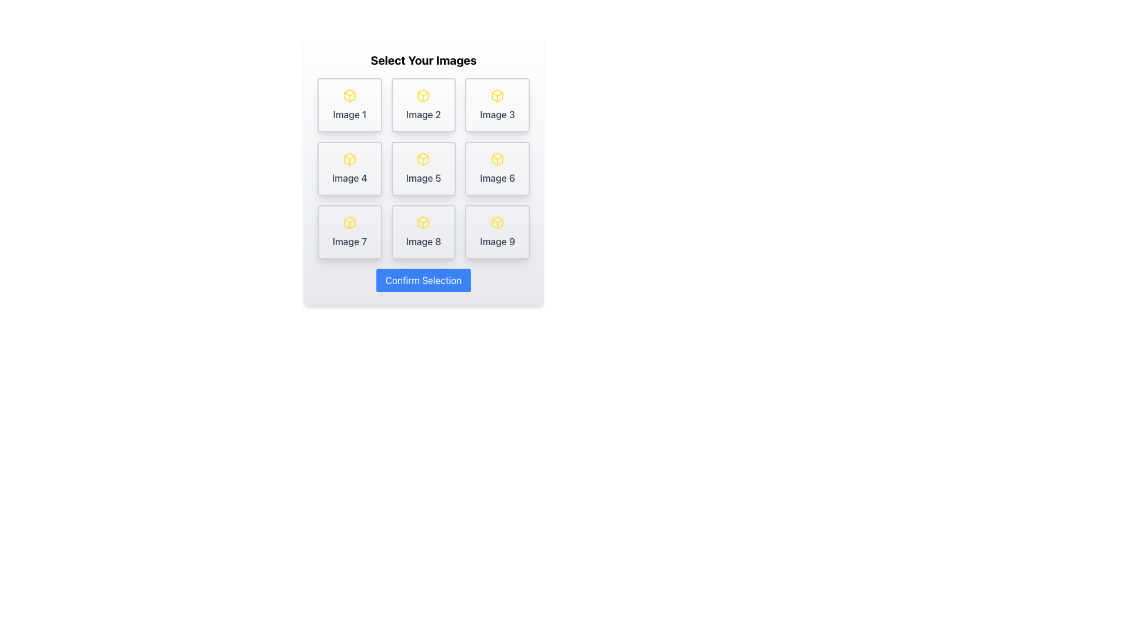  I want to click on small triangular icon outlined in yellow, which is located within a box icon on the interface, so click(497, 221).